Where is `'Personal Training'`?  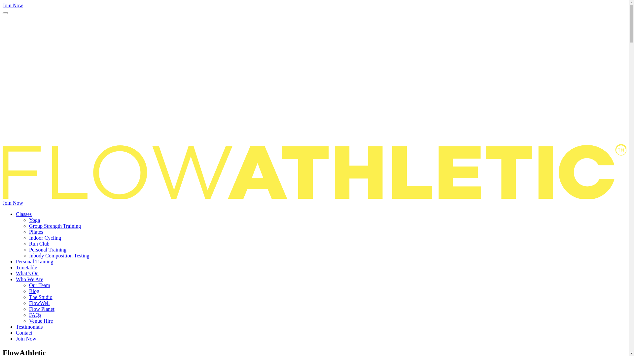
'Personal Training' is located at coordinates (47, 250).